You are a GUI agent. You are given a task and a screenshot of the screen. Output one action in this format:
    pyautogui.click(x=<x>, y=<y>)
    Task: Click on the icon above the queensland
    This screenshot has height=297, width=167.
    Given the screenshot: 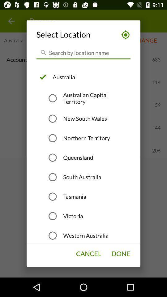 What is the action you would take?
    pyautogui.click(x=86, y=138)
    